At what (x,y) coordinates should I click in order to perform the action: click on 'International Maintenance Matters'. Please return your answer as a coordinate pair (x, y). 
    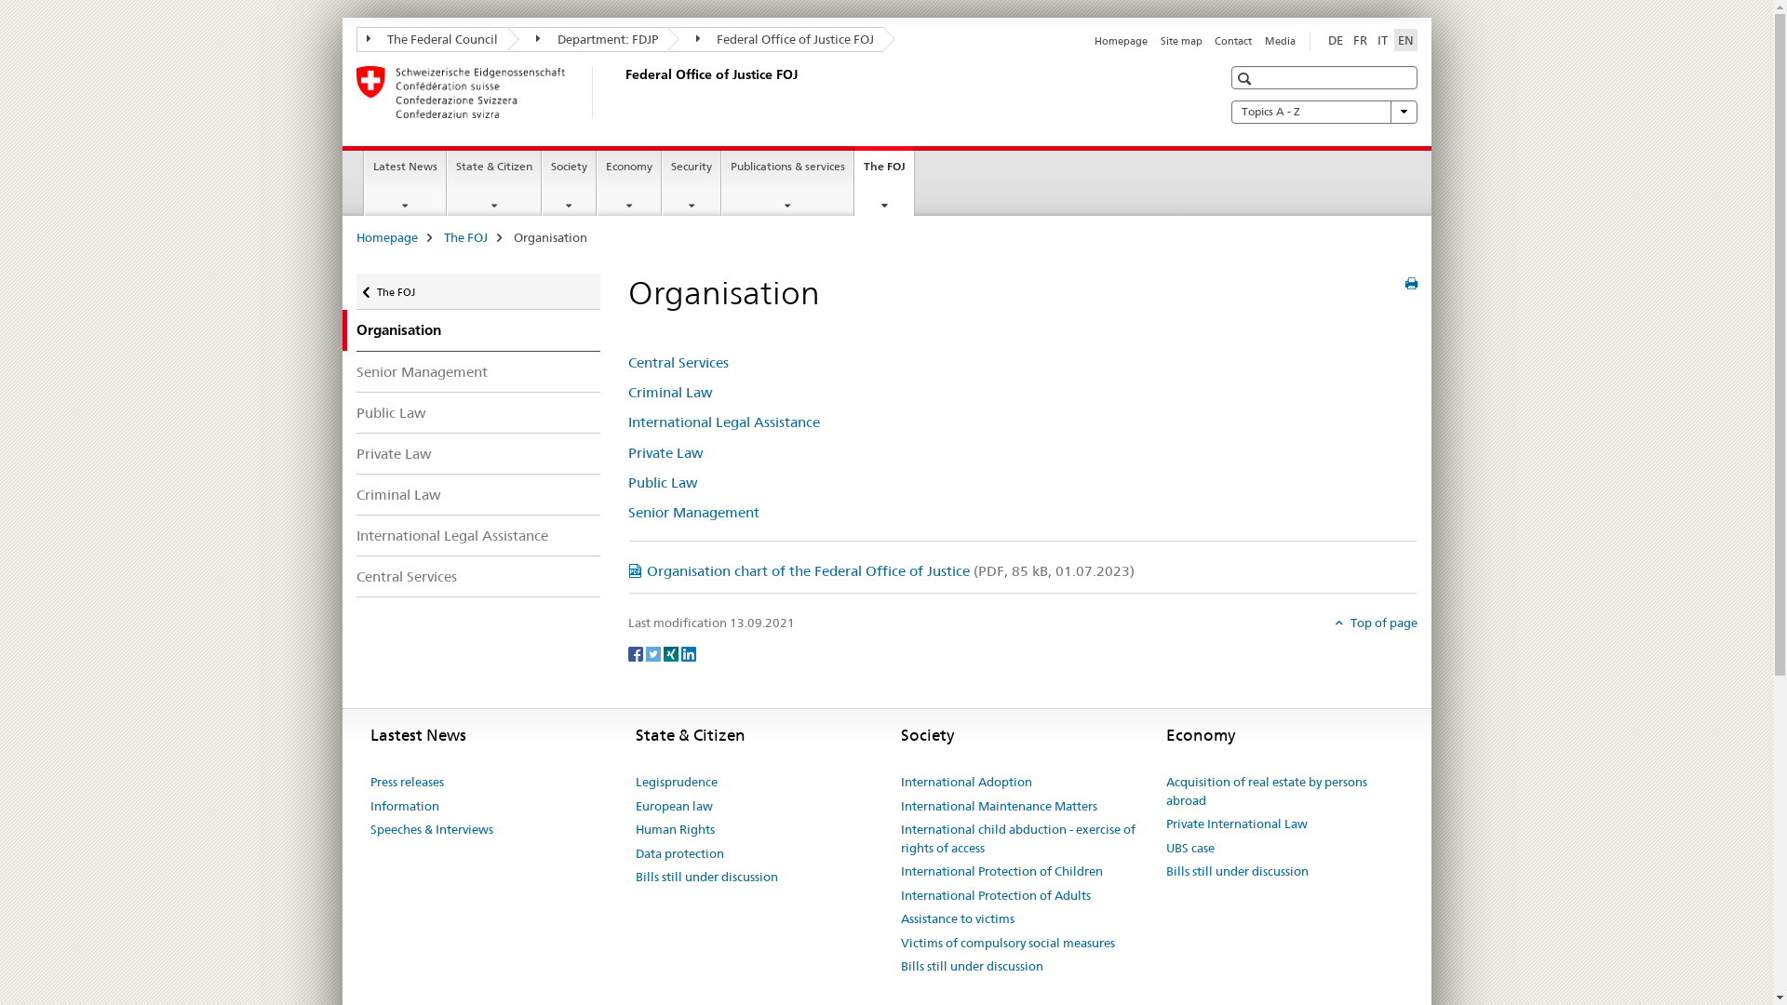
    Looking at the image, I should click on (998, 806).